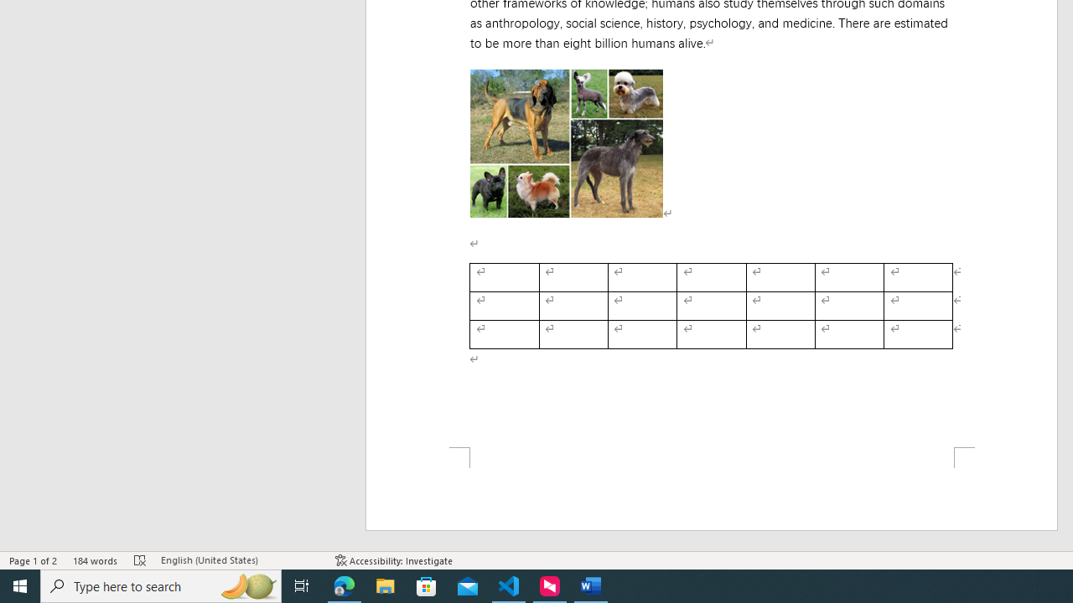  Describe the element at coordinates (385, 585) in the screenshot. I see `'File Explorer'` at that location.